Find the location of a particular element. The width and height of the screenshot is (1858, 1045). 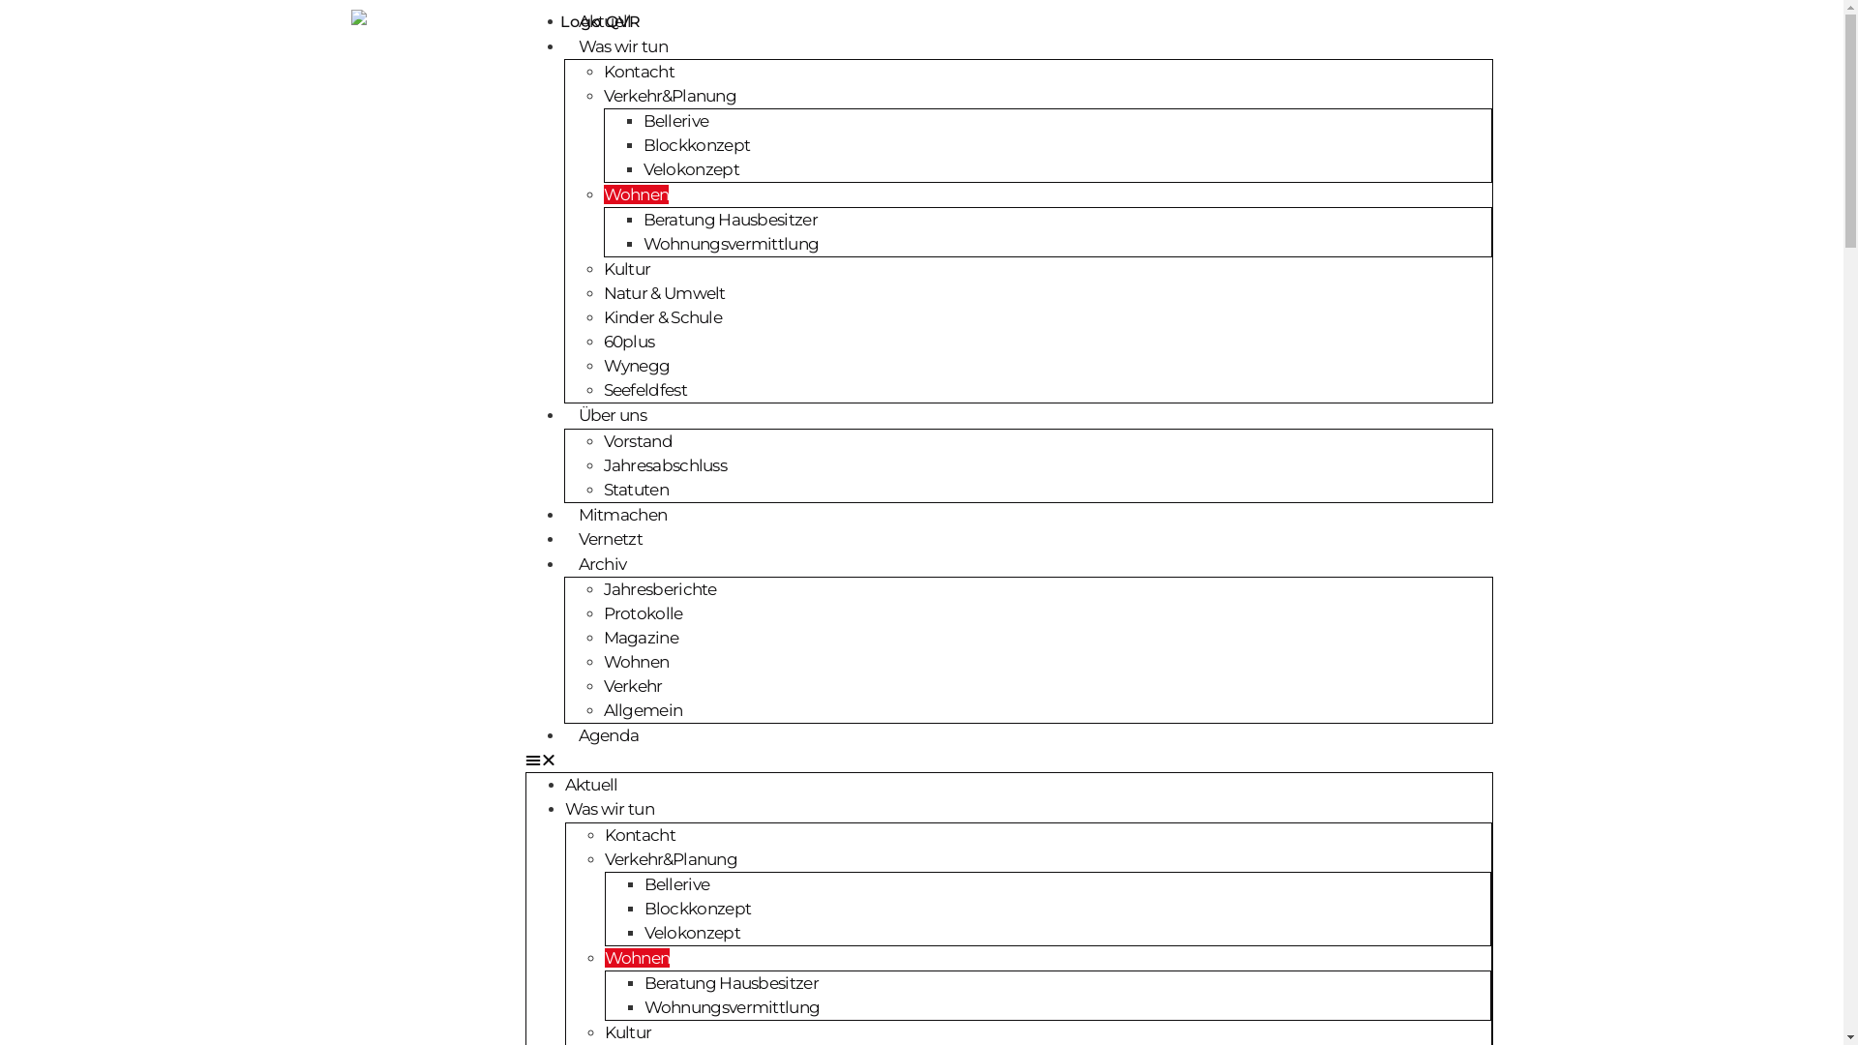

'Kultur' is located at coordinates (627, 1030).